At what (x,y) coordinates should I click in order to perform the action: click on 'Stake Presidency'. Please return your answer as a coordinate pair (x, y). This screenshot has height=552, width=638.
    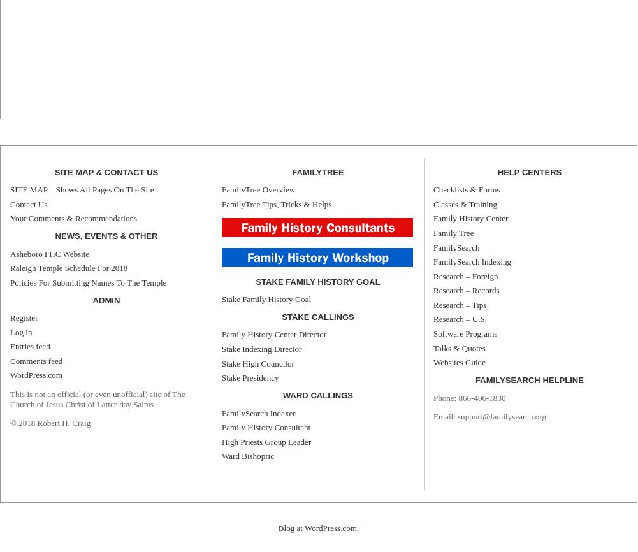
    Looking at the image, I should click on (249, 377).